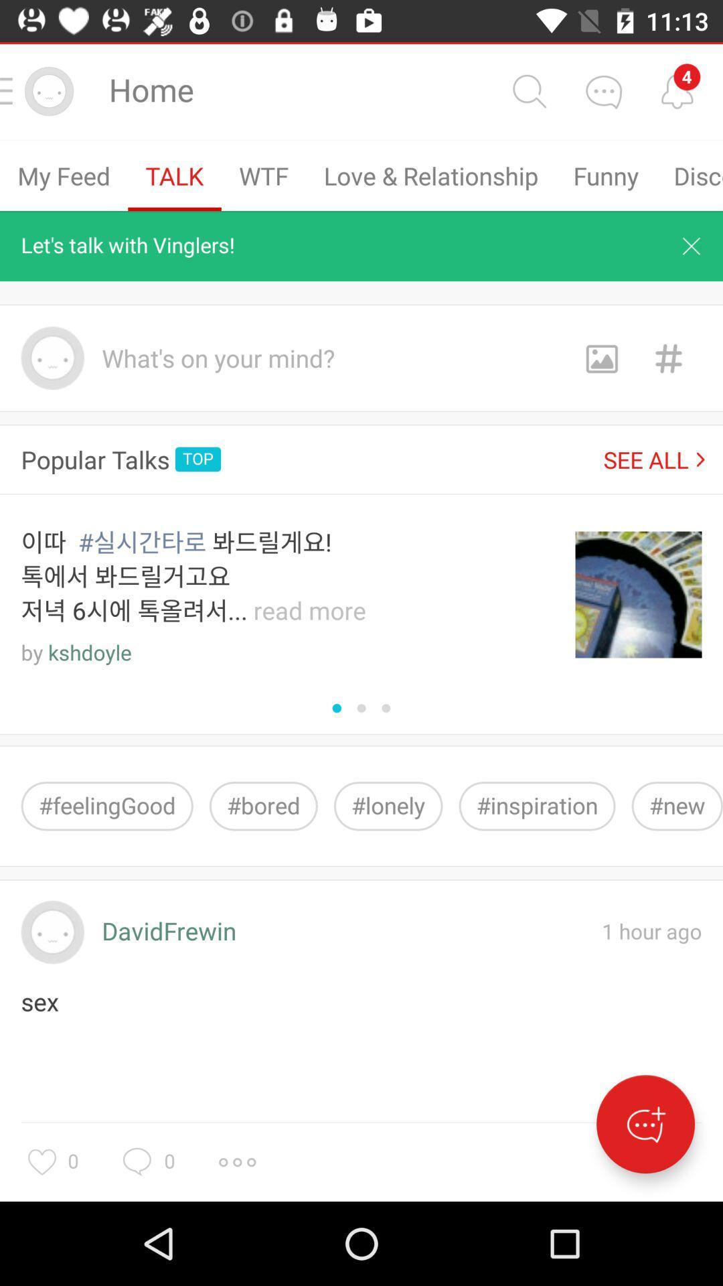 This screenshot has height=1286, width=723. What do you see at coordinates (528, 90) in the screenshot?
I see `do a search` at bounding box center [528, 90].